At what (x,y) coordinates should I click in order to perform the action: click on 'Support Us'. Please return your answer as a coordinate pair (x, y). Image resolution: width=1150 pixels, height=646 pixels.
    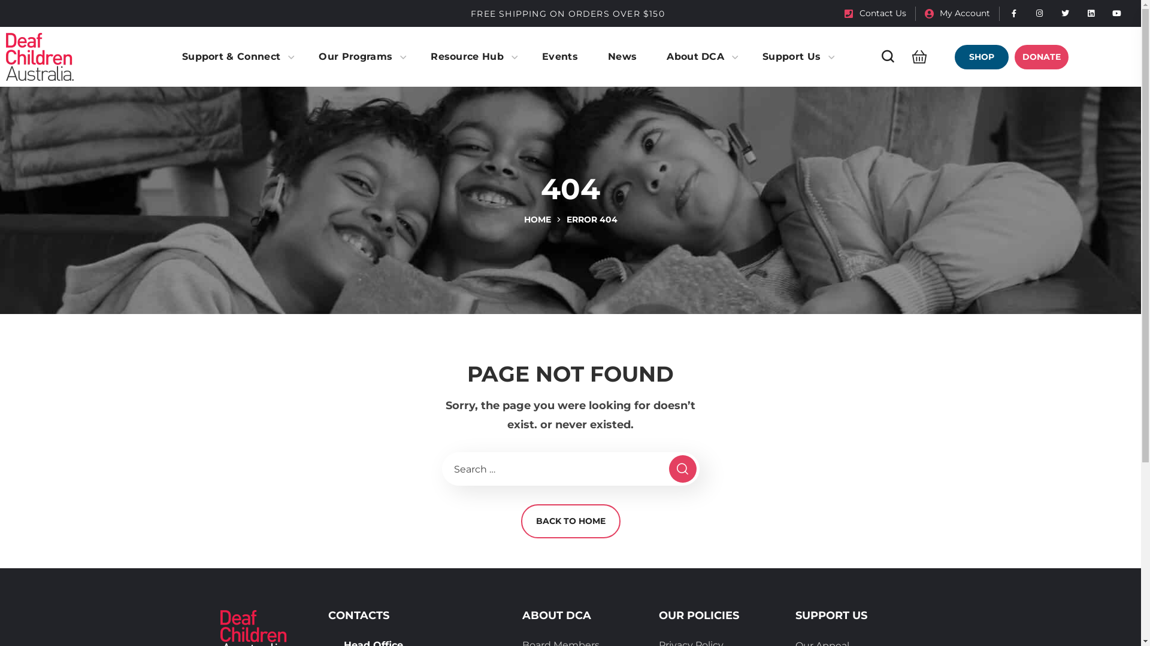
    Looking at the image, I should click on (747, 57).